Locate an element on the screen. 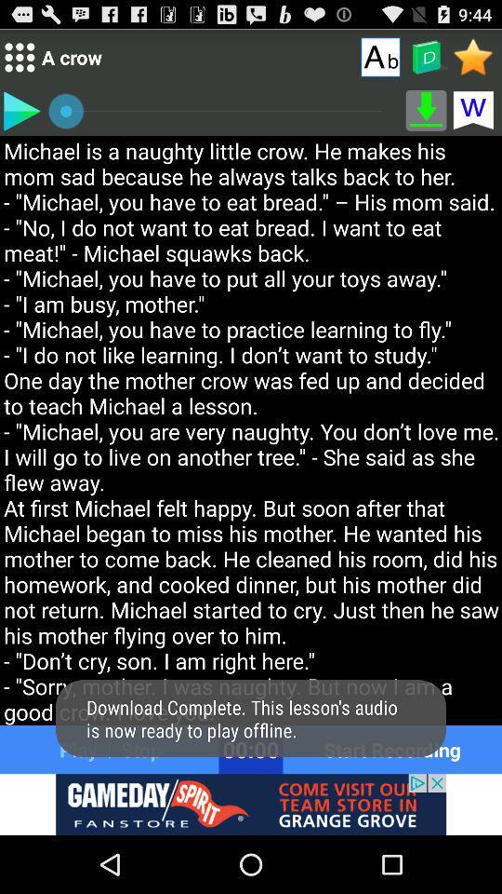  the icon download which is on right hand side is located at coordinates (427, 111).